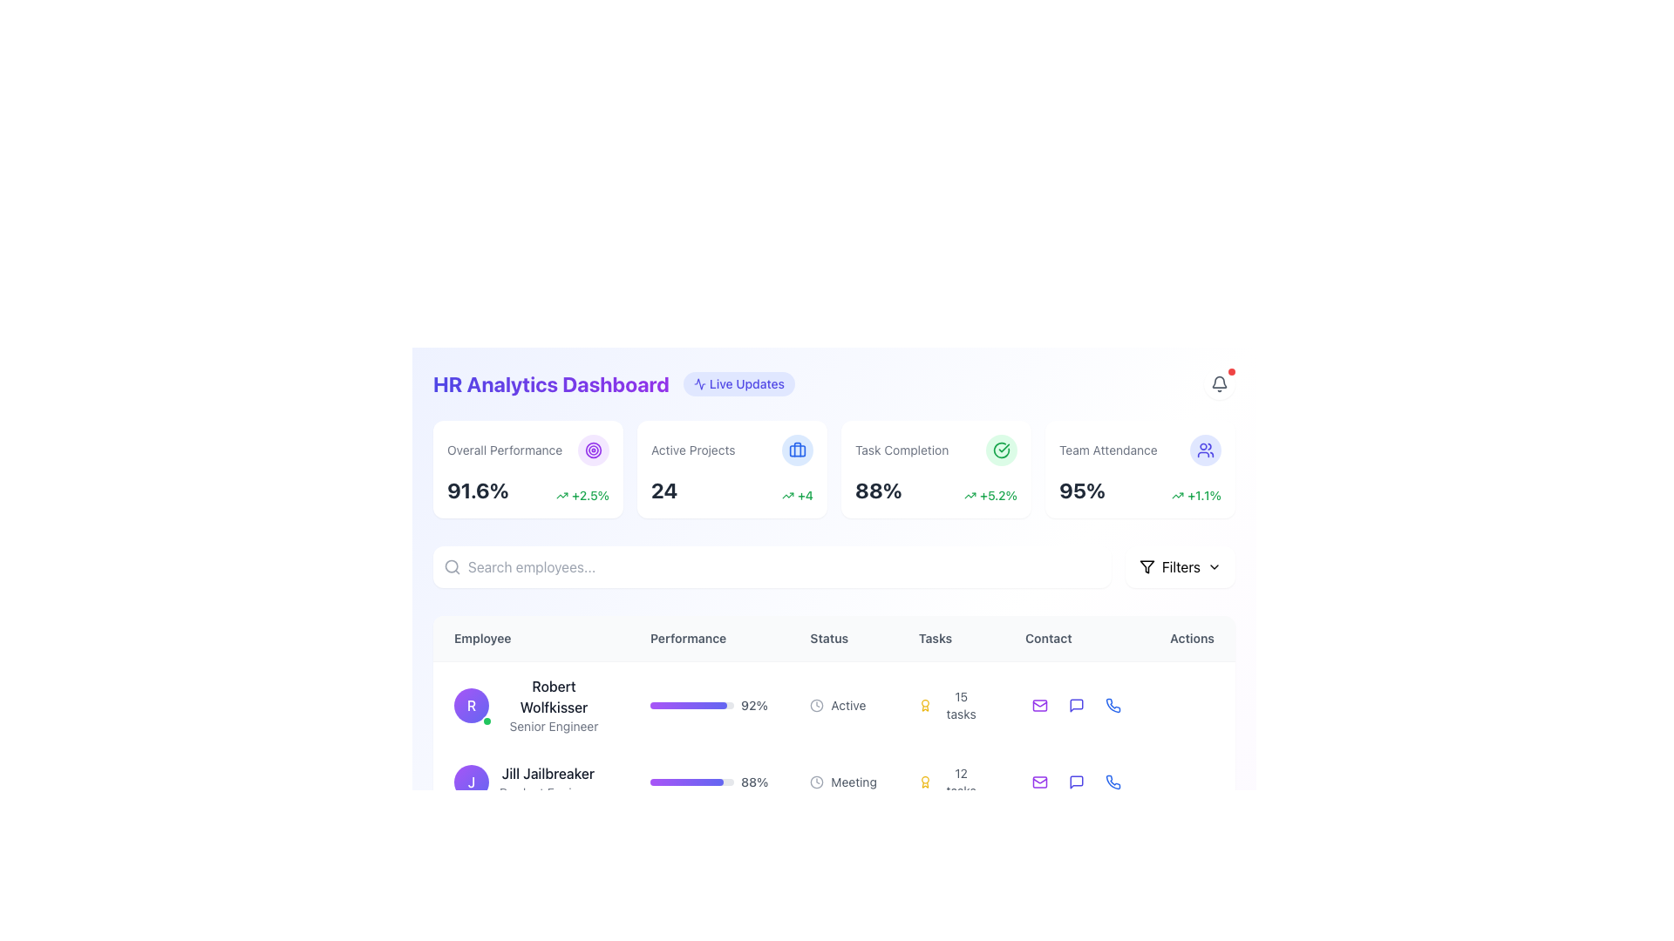 Image resolution: width=1674 pixels, height=941 pixels. What do you see at coordinates (843, 639) in the screenshot?
I see `the text header labeled 'Status', which is styled with bold gray text and is positioned in the third column of a table layout` at bounding box center [843, 639].